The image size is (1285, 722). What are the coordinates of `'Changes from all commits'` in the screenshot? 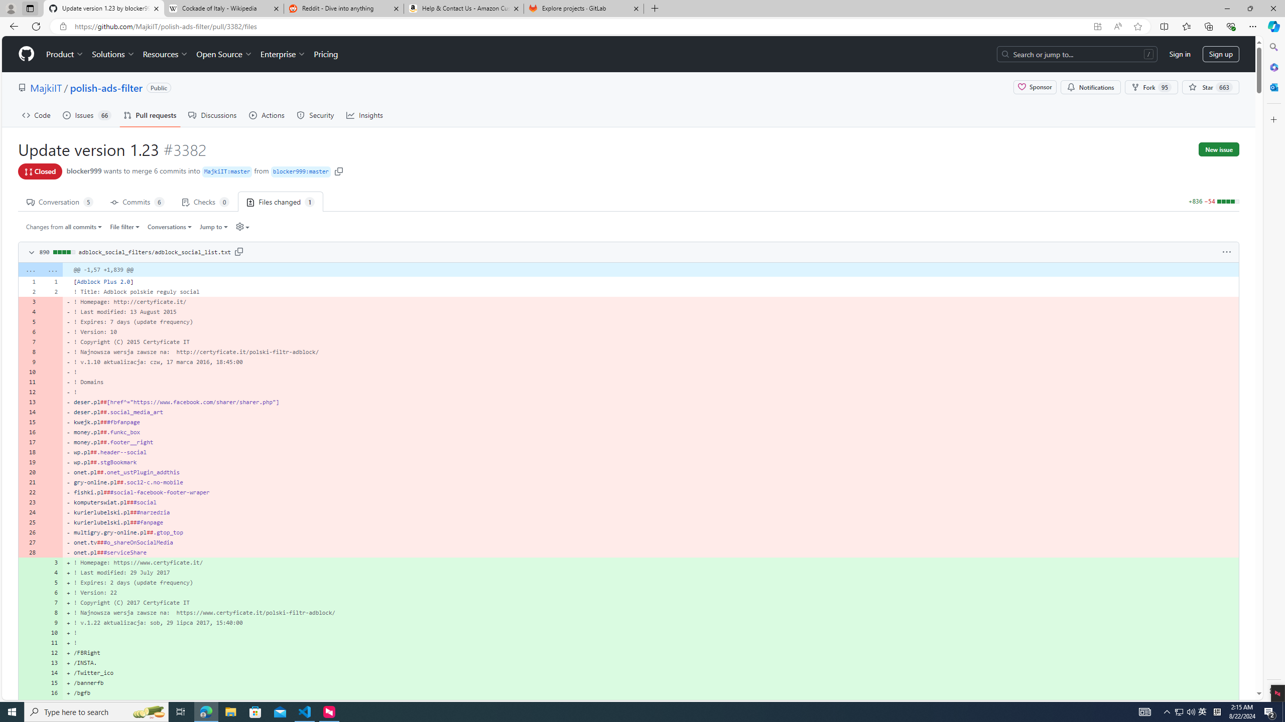 It's located at (64, 226).